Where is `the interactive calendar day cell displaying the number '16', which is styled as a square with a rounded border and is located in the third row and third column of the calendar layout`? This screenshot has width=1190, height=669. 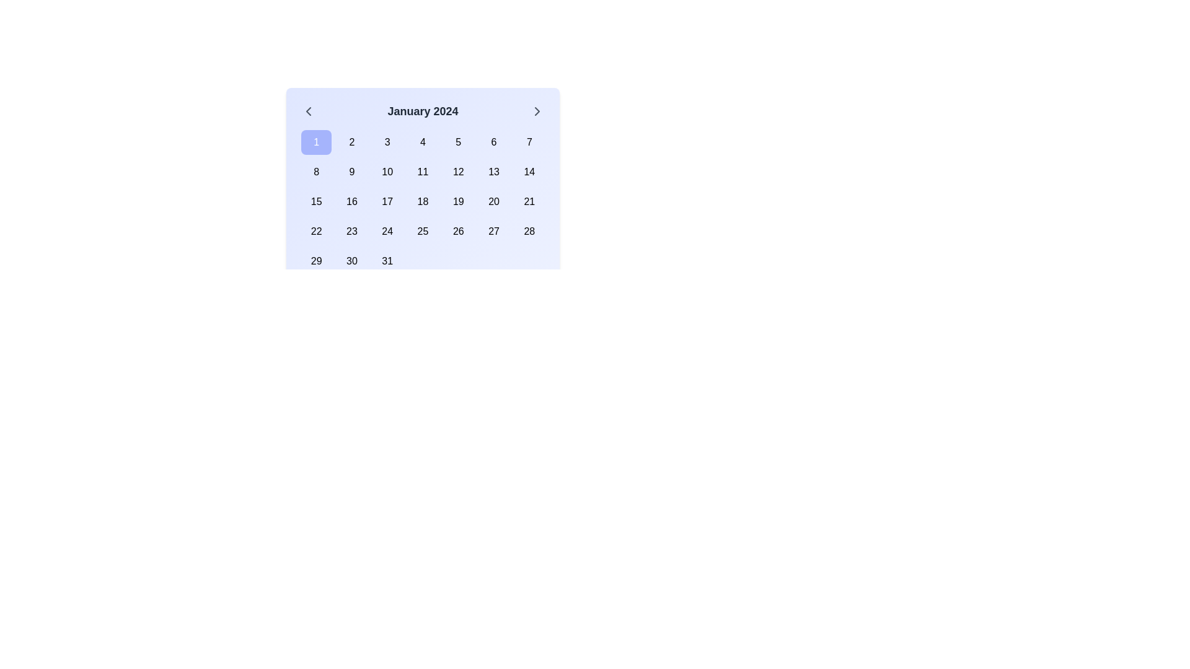
the interactive calendar day cell displaying the number '16', which is styled as a square with a rounded border and is located in the third row and third column of the calendar layout is located at coordinates (351, 201).